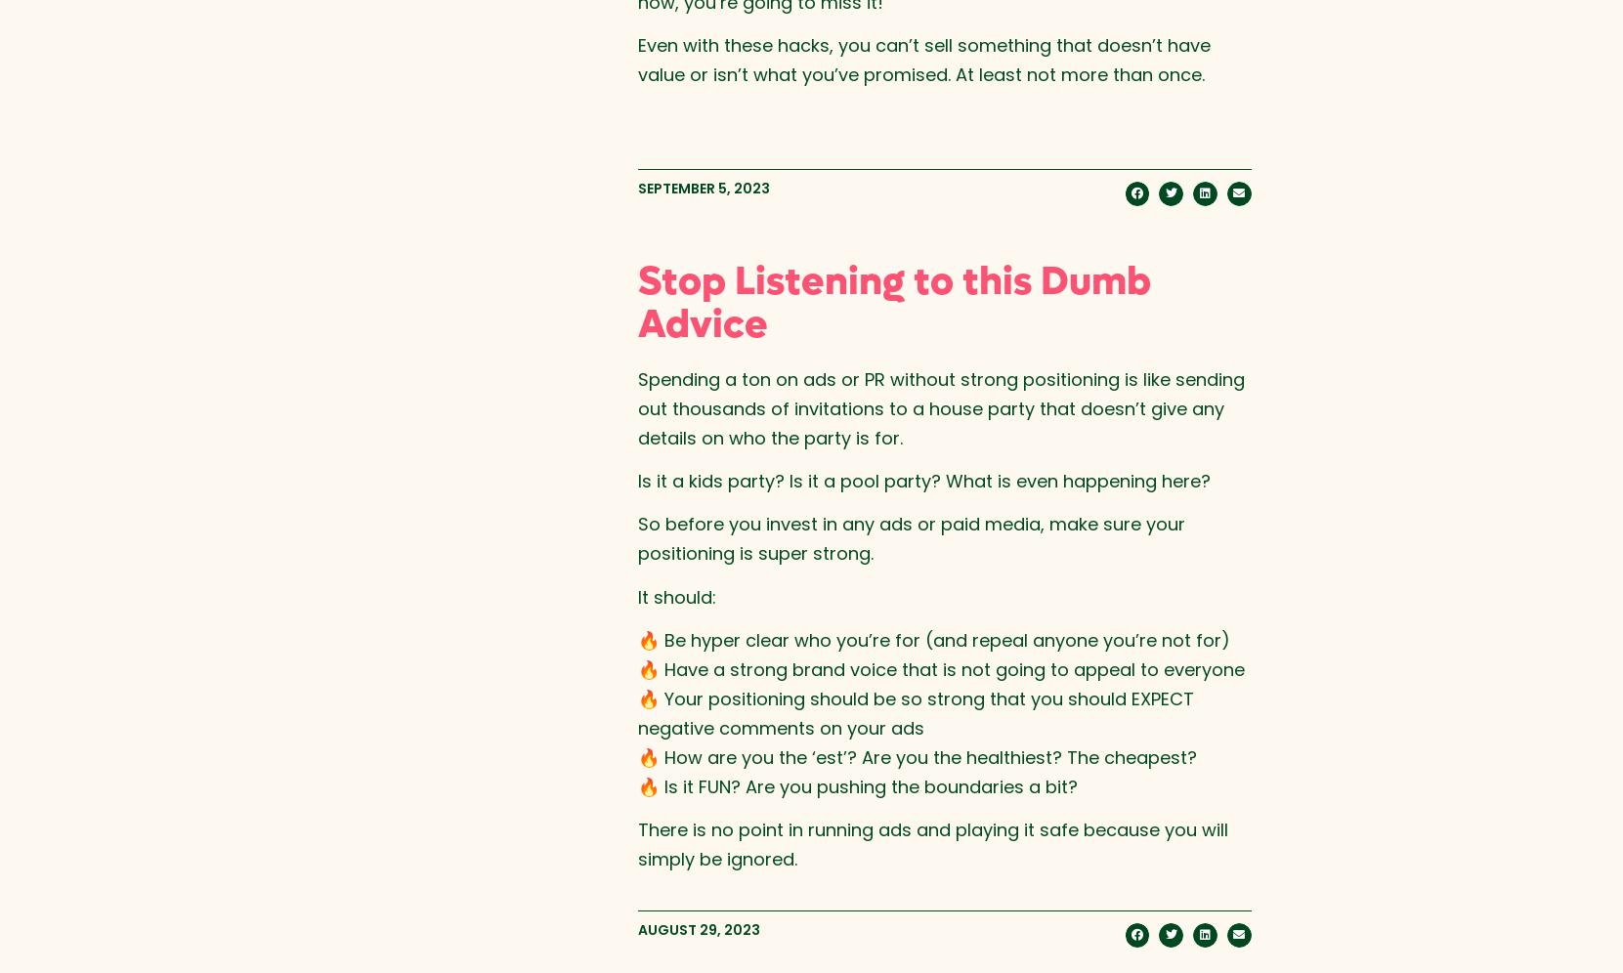 The height and width of the screenshot is (973, 1623). What do you see at coordinates (698, 928) in the screenshot?
I see `'August 29, 2023'` at bounding box center [698, 928].